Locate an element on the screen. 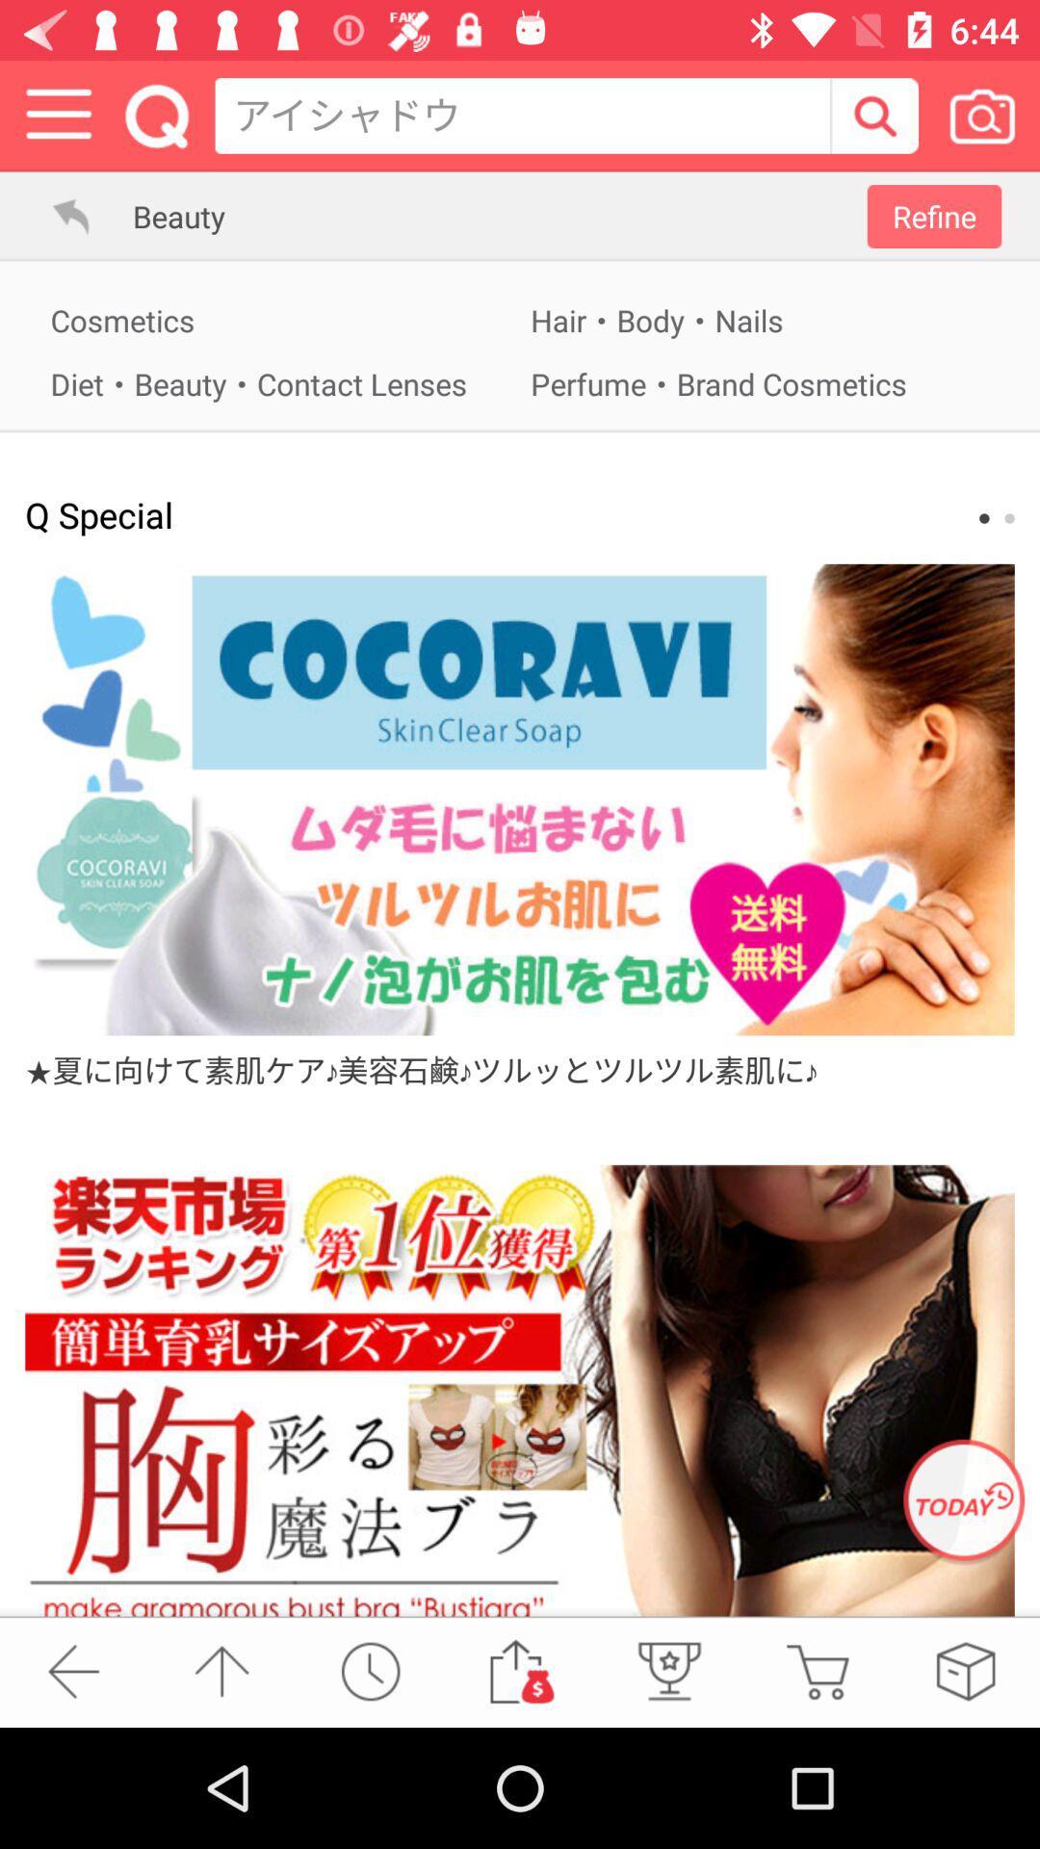  camera on option is located at coordinates (981, 115).